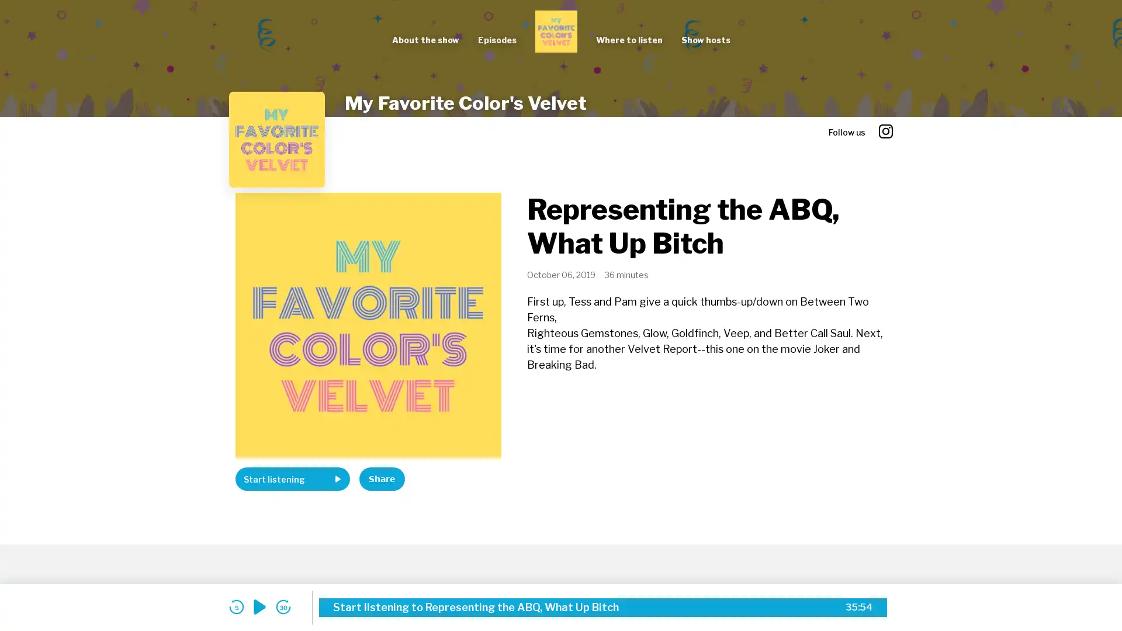  I want to click on Start listening, so click(292, 479).